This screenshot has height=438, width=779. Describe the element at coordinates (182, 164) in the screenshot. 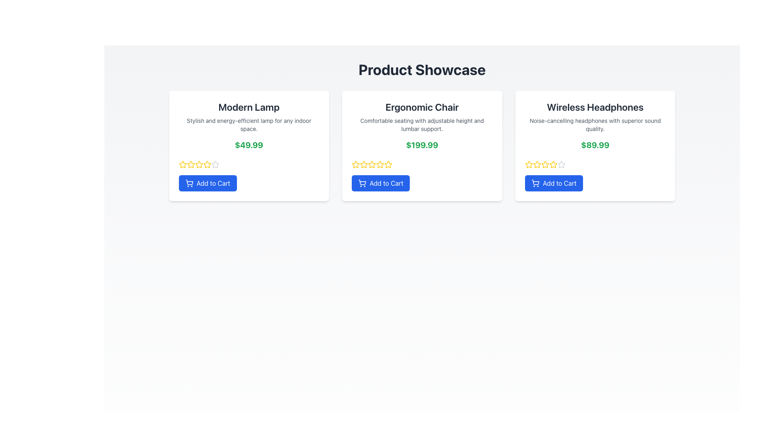

I see `the first five-pointed star icon with a yellow border and white interior, located prominently below the product description and price for the 'Modern Lamp'` at that location.